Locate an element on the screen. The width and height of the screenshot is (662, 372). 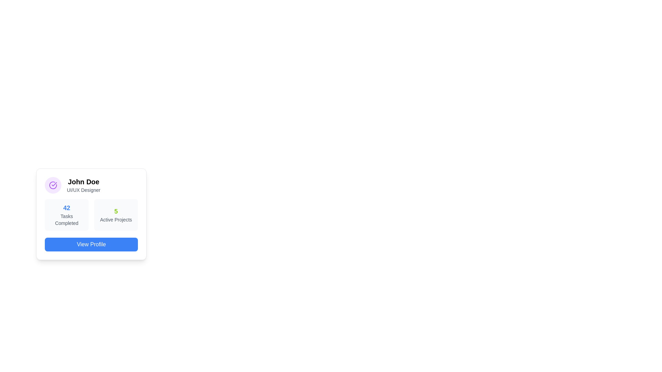
the status indicator icon located to the left of the 'John Doe' name and the 'UI/UX Designer' title, representing a status or verification is located at coordinates (52, 185).